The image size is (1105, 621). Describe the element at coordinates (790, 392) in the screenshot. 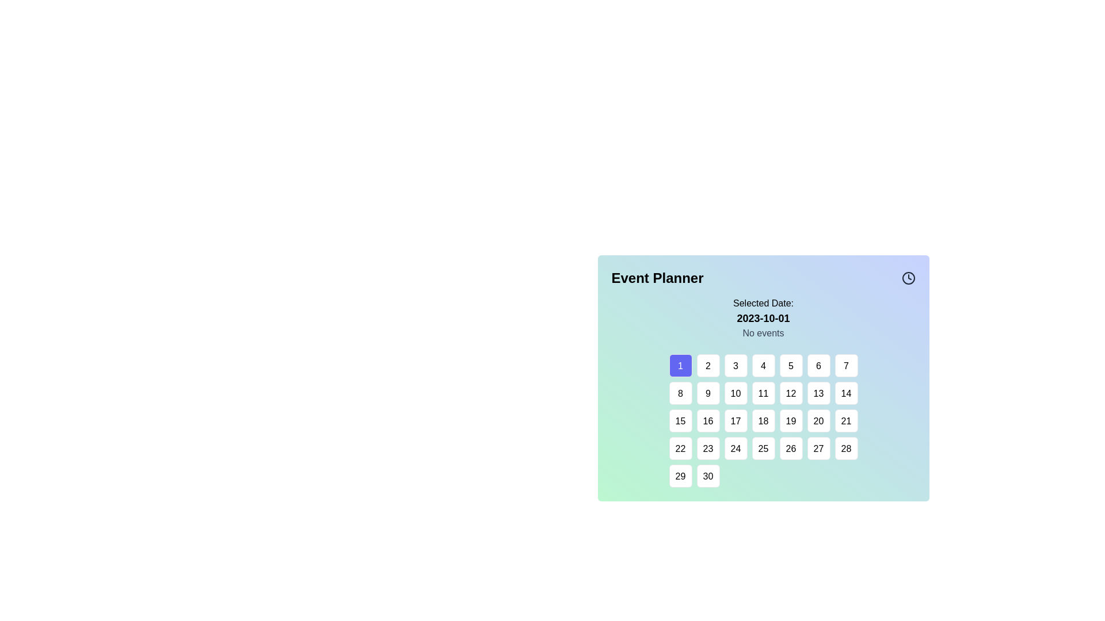

I see `the rectangular button displaying the number '12' in the calendar grid` at that location.